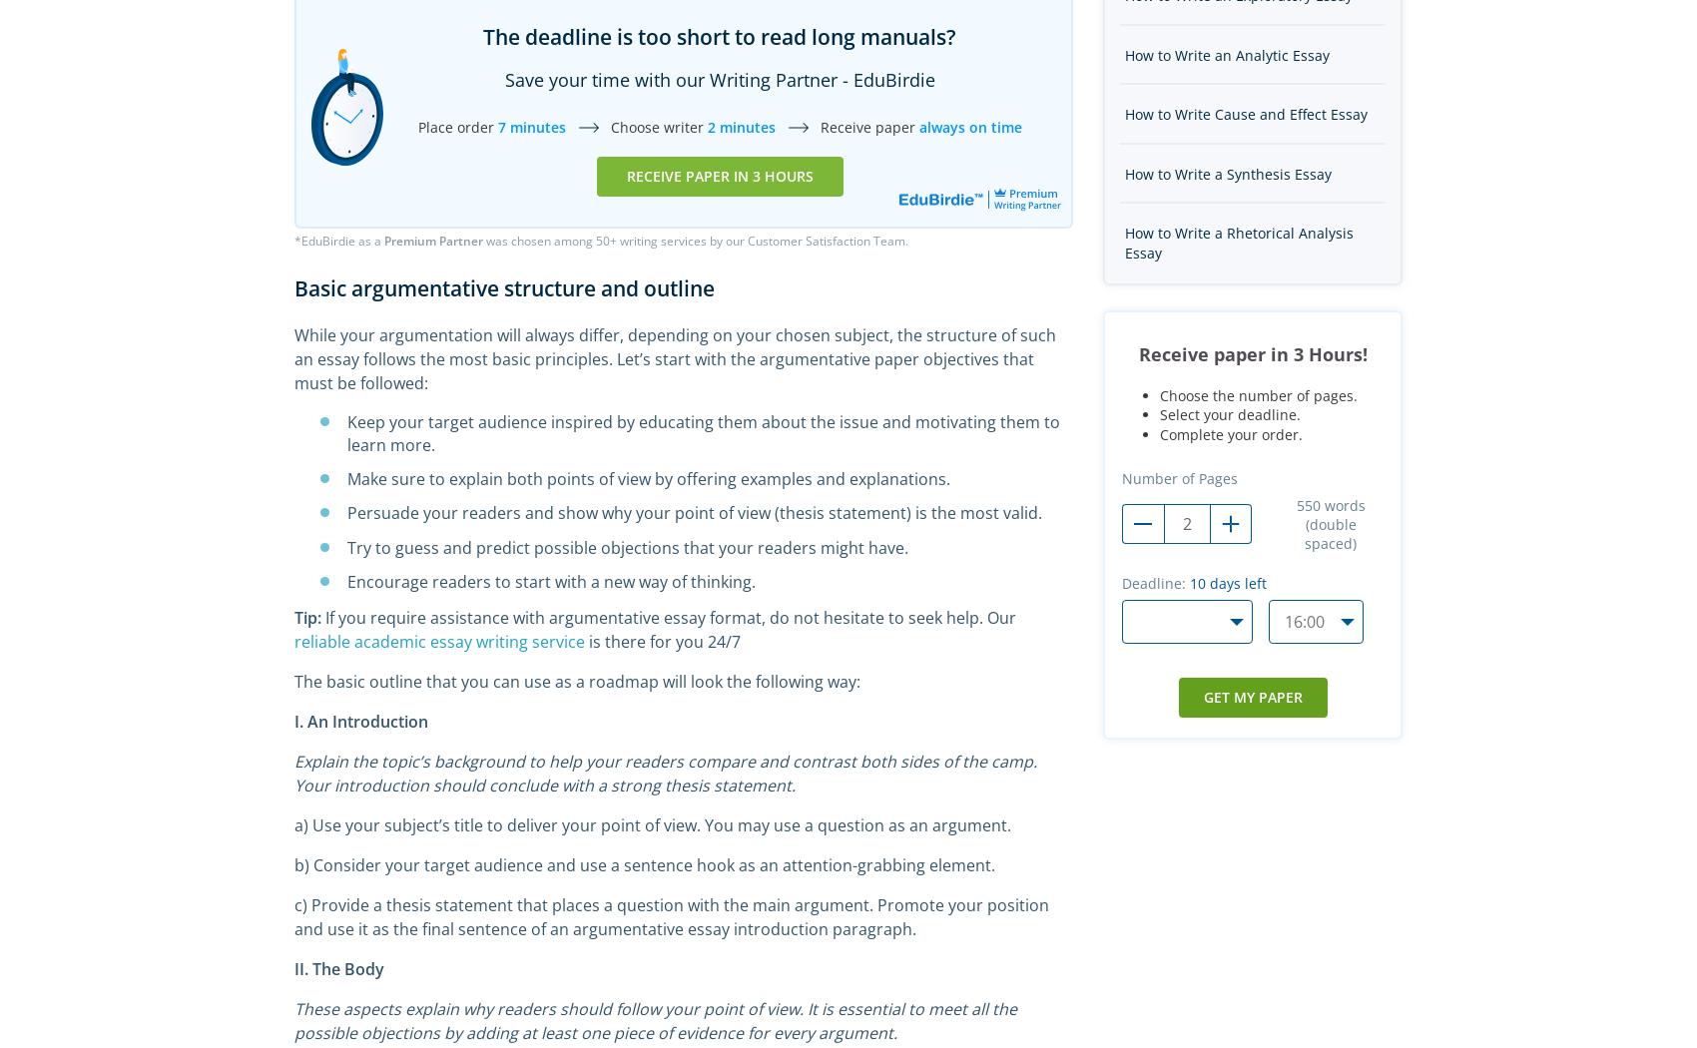 Image resolution: width=1697 pixels, height=1048 pixels. I want to click on 'reliable academic essay writing service', so click(439, 639).